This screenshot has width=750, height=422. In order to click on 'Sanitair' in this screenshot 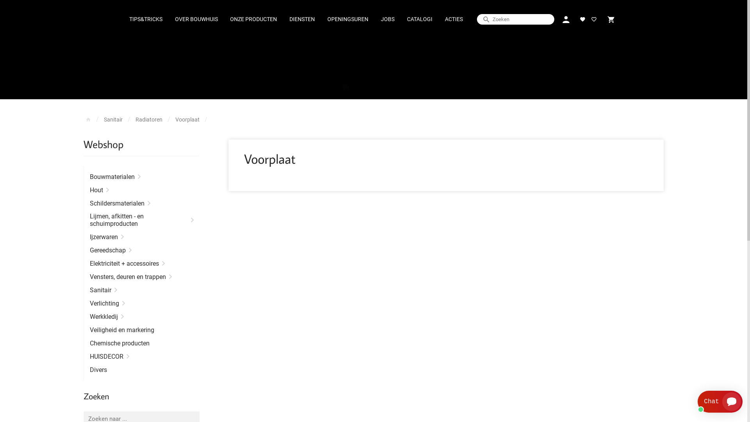, I will do `click(112, 119)`.